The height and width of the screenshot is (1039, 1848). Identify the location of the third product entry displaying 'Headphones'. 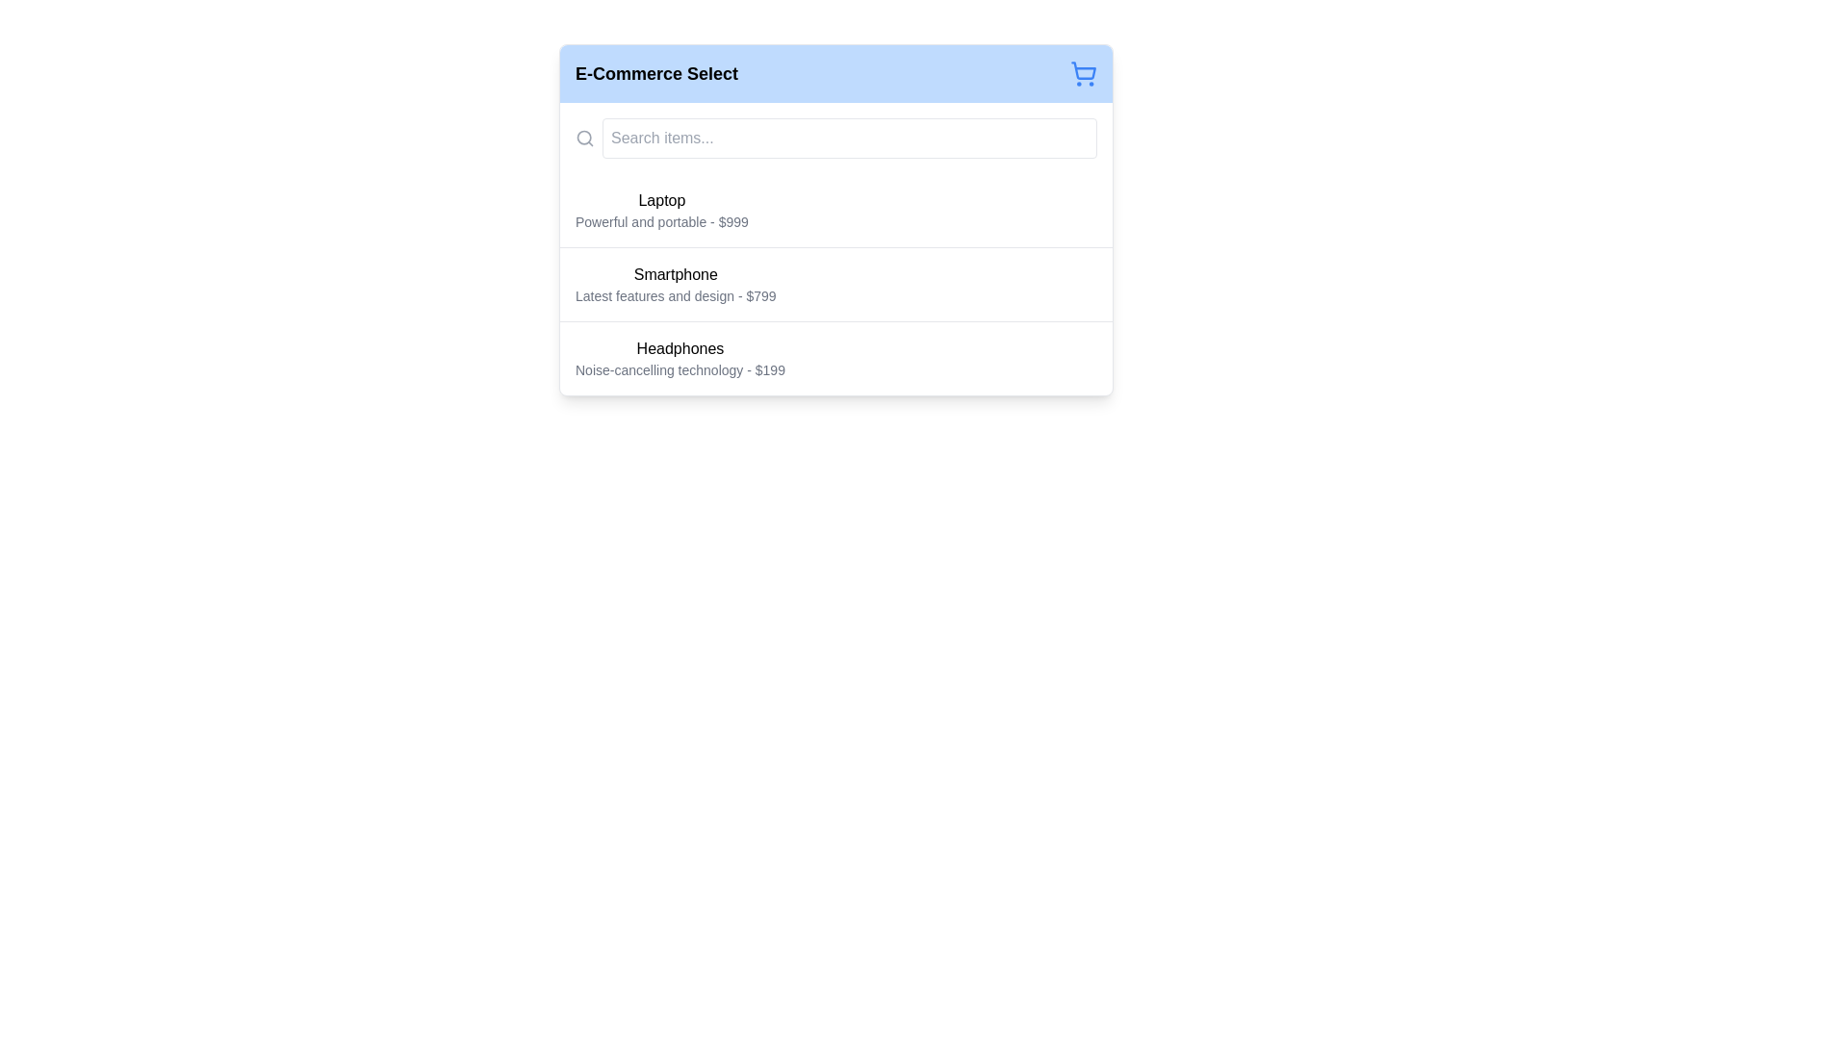
(835, 358).